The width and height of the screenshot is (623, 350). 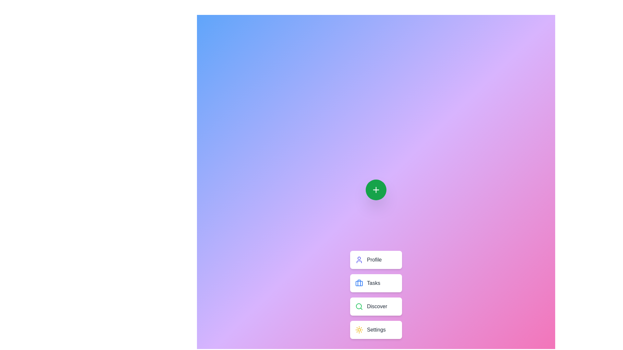 What do you see at coordinates (376, 283) in the screenshot?
I see `the 'Tasks' button to select it` at bounding box center [376, 283].